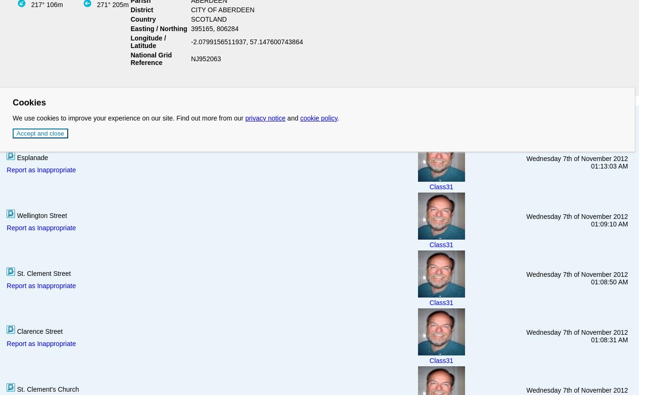  What do you see at coordinates (158, 28) in the screenshot?
I see `'Easting / Northing'` at bounding box center [158, 28].